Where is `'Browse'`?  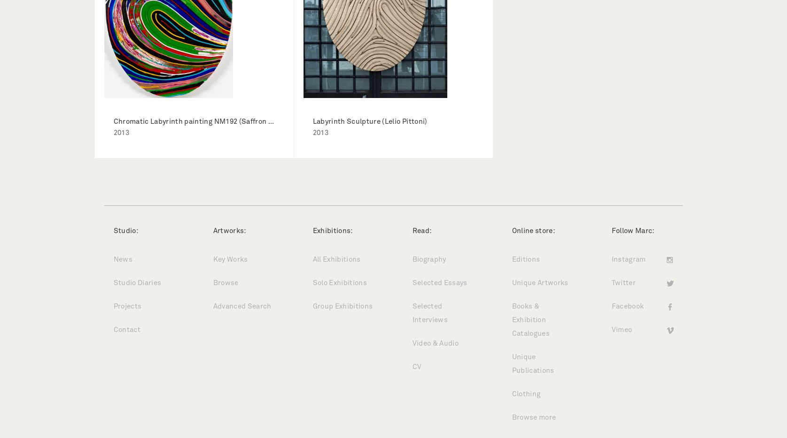 'Browse' is located at coordinates (226, 283).